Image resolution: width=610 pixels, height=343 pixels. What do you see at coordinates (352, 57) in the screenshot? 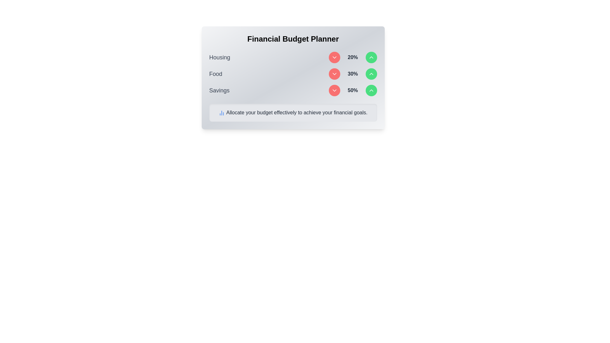
I see `the label displaying '20%' in bold text, which is centrally located within the 'Housing' section of the 'Financial Budget Planner' layout, flanked by up and down arrow buttons` at bounding box center [352, 57].